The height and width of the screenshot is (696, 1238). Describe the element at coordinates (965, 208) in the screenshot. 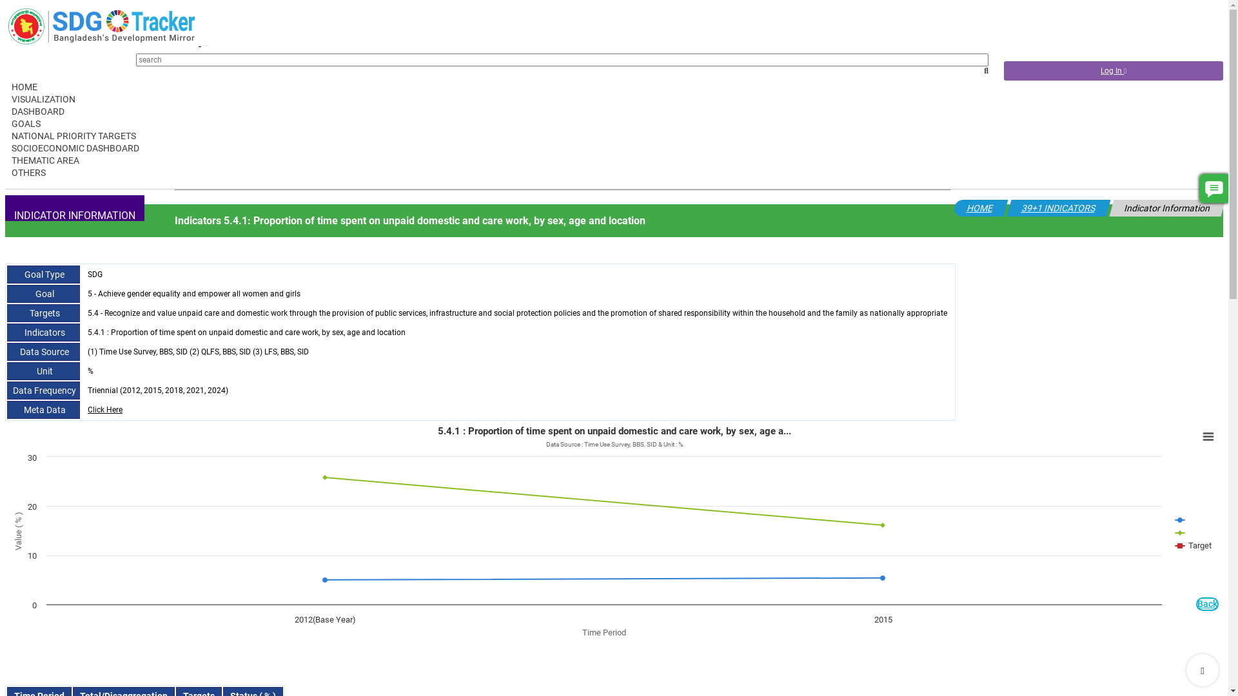

I see `'HOME'` at that location.